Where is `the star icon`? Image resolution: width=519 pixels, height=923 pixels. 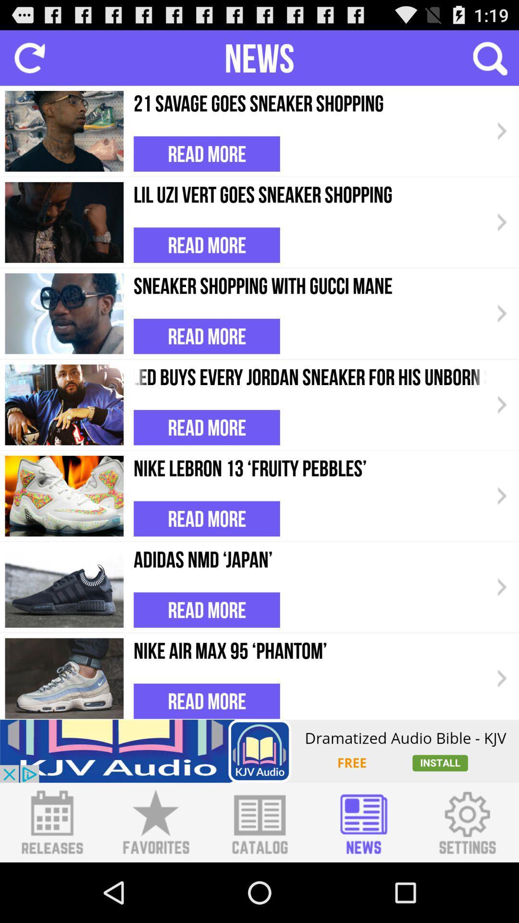
the star icon is located at coordinates (155, 880).